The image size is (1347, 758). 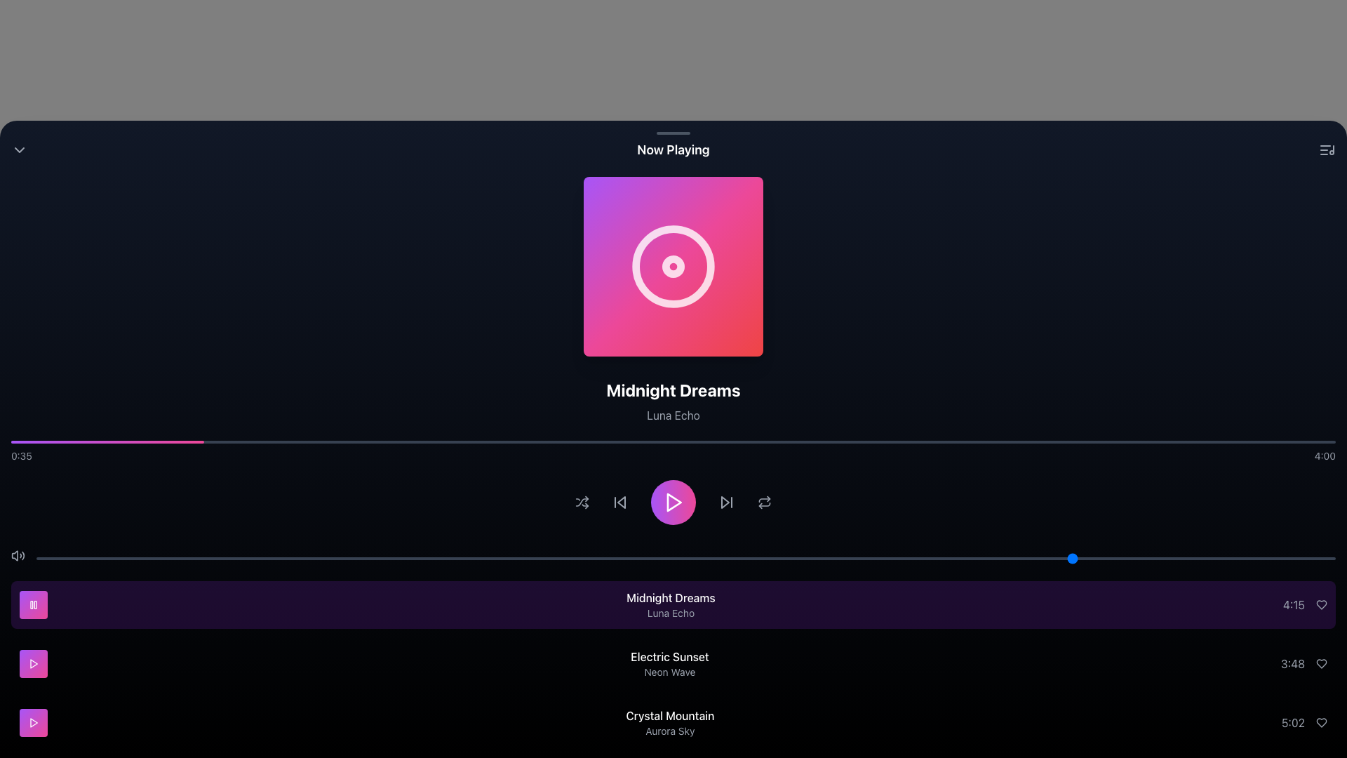 What do you see at coordinates (727, 502) in the screenshot?
I see `the skip-forward button, which is represented as a rightward pointing triangle with a vertical line beside it, styled in gray with a hover effect that changes it to white` at bounding box center [727, 502].